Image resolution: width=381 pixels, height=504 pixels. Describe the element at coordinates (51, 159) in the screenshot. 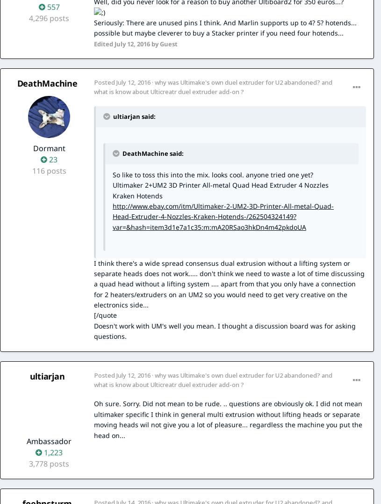

I see `'23'` at that location.